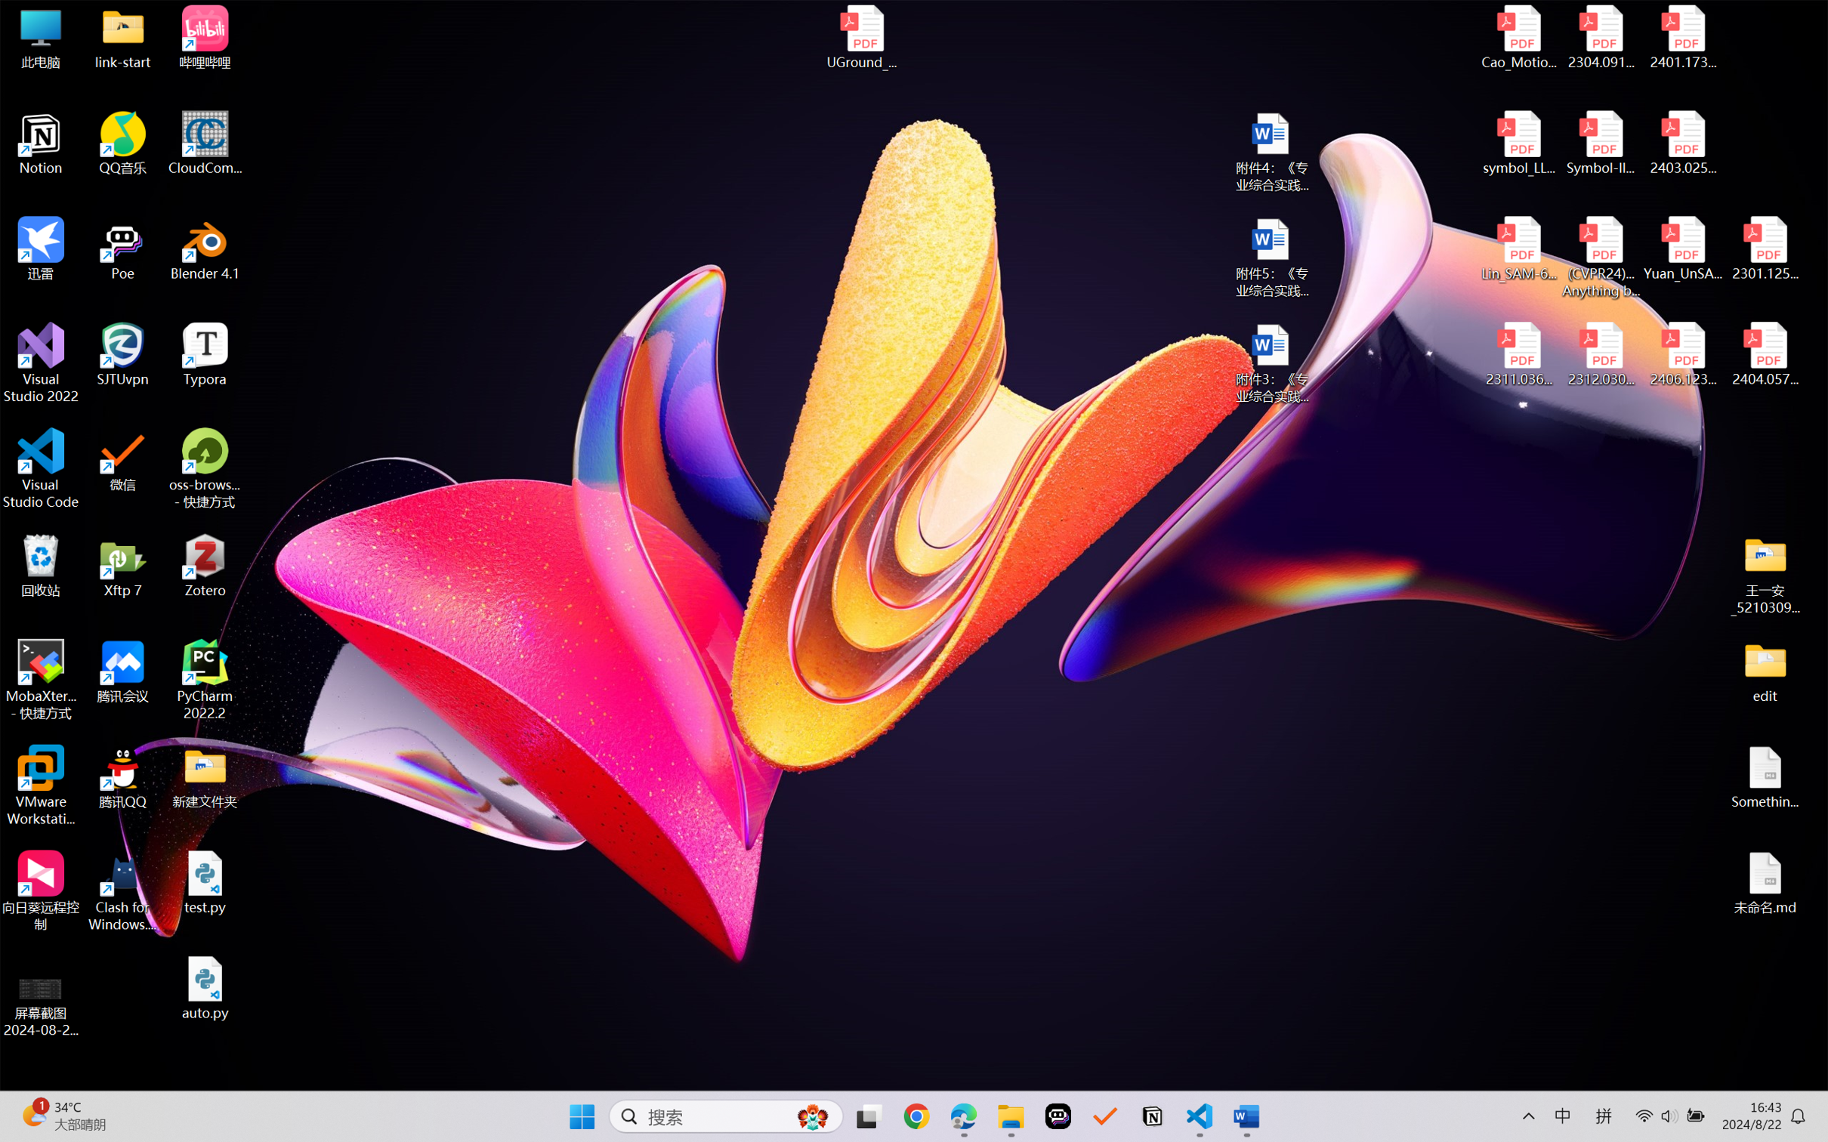 The width and height of the screenshot is (1828, 1142). I want to click on 'UGround_paper.pdf', so click(862, 37).